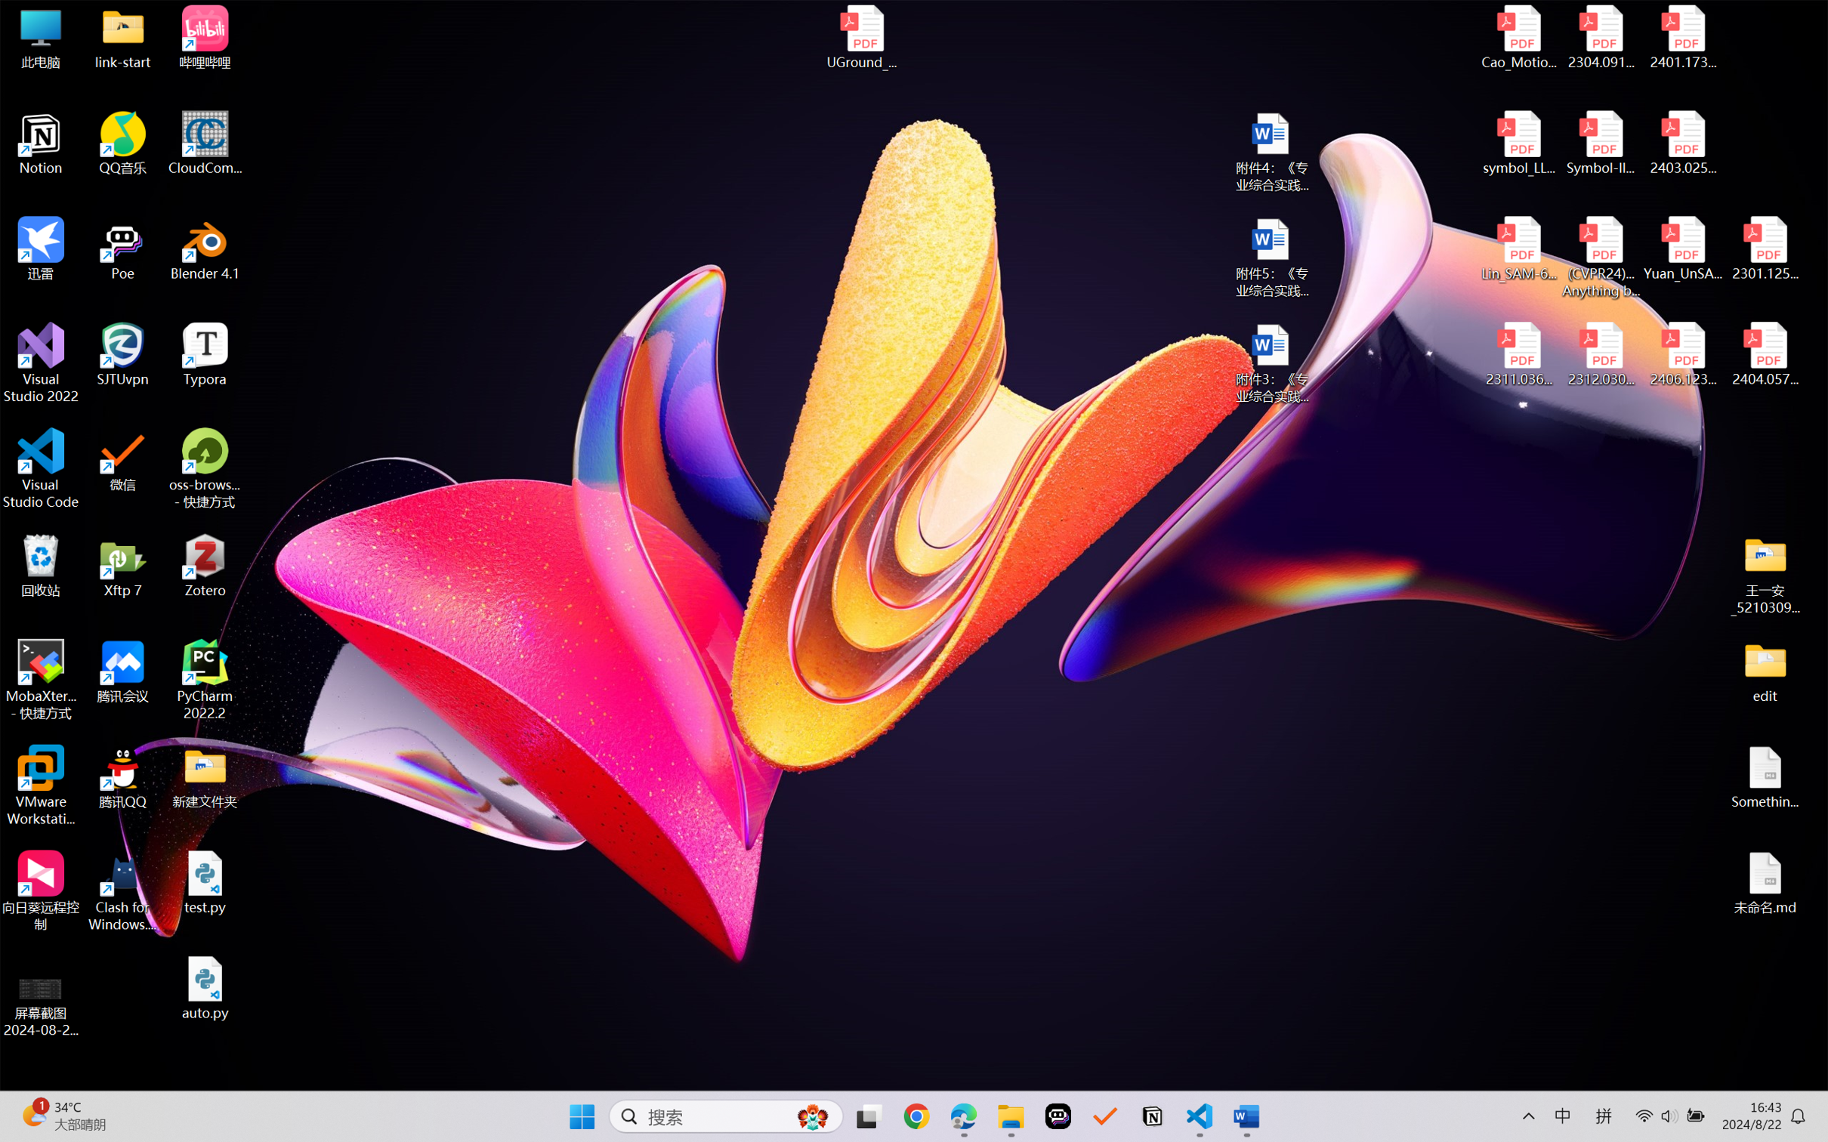 The width and height of the screenshot is (1828, 1142). I want to click on 'UGround_paper.pdf', so click(862, 37).